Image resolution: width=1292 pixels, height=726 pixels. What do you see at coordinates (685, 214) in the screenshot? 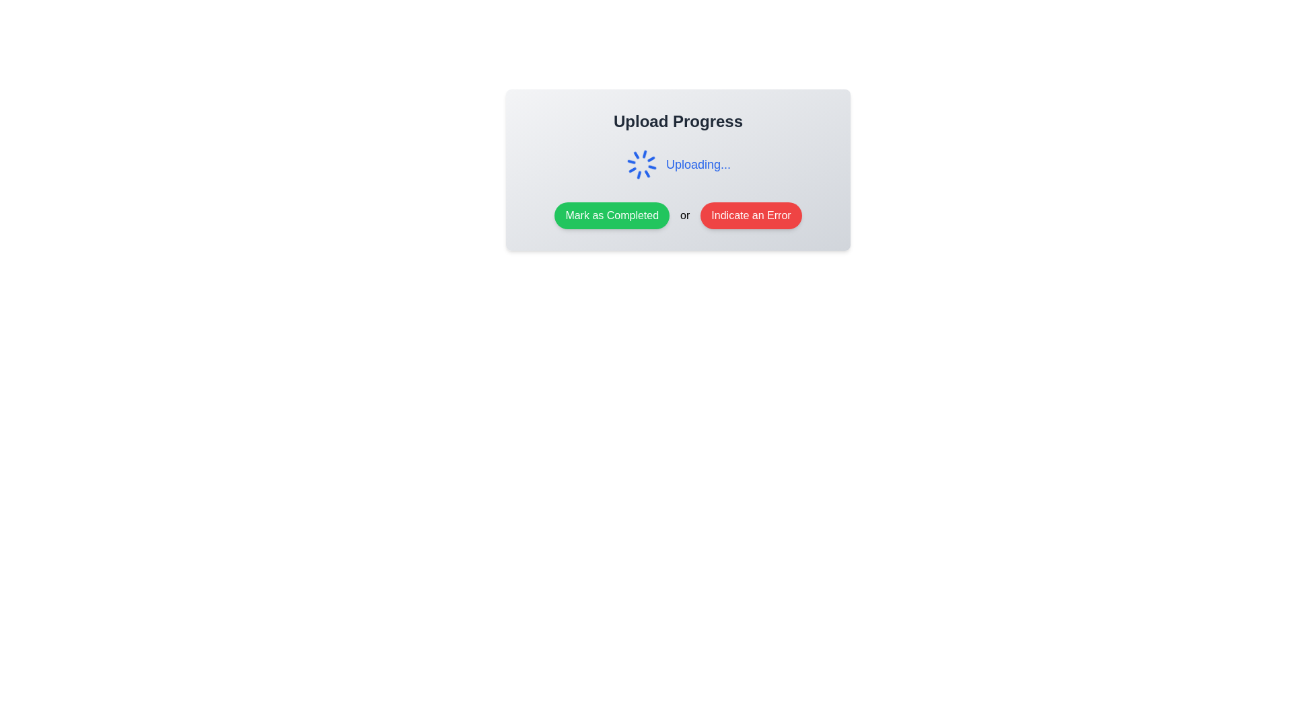
I see `the text label displaying 'or' in lowercase, which acts as a separator between the 'Mark as Completed' and 'Indicate an Error' buttons, located centrally beneath the 'Upload Progress' header` at bounding box center [685, 214].